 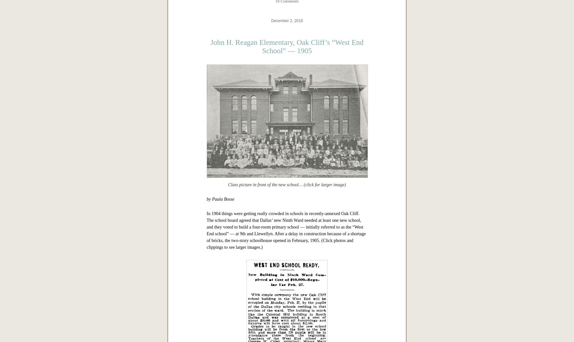 What do you see at coordinates (206, 60) in the screenshot?
I see `'More on Lake Cliff can be found in'` at bounding box center [206, 60].